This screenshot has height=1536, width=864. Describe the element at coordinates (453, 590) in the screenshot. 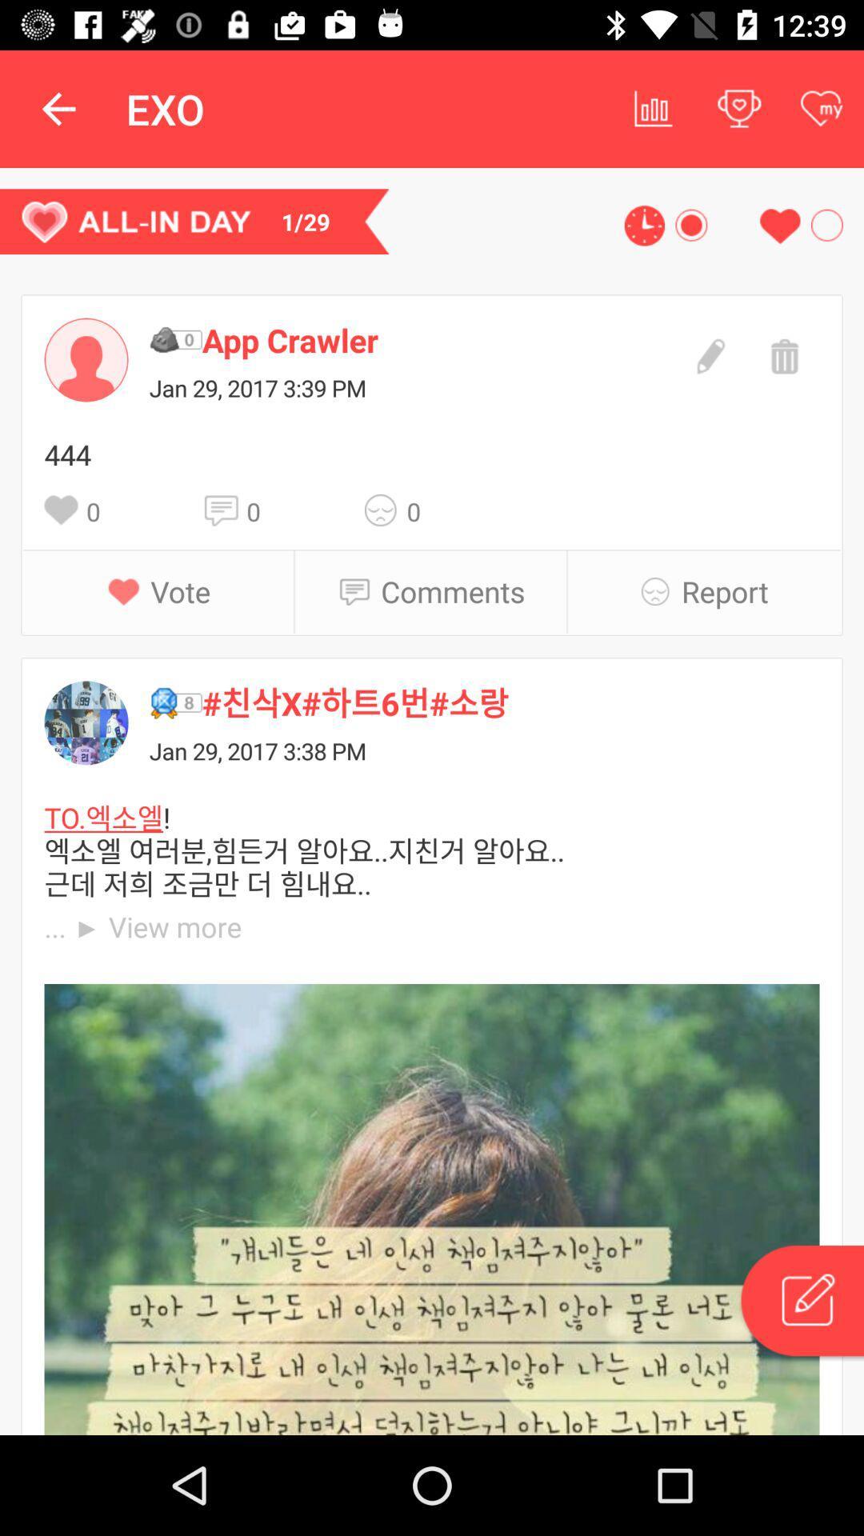

I see `the item below the 0 item` at that location.